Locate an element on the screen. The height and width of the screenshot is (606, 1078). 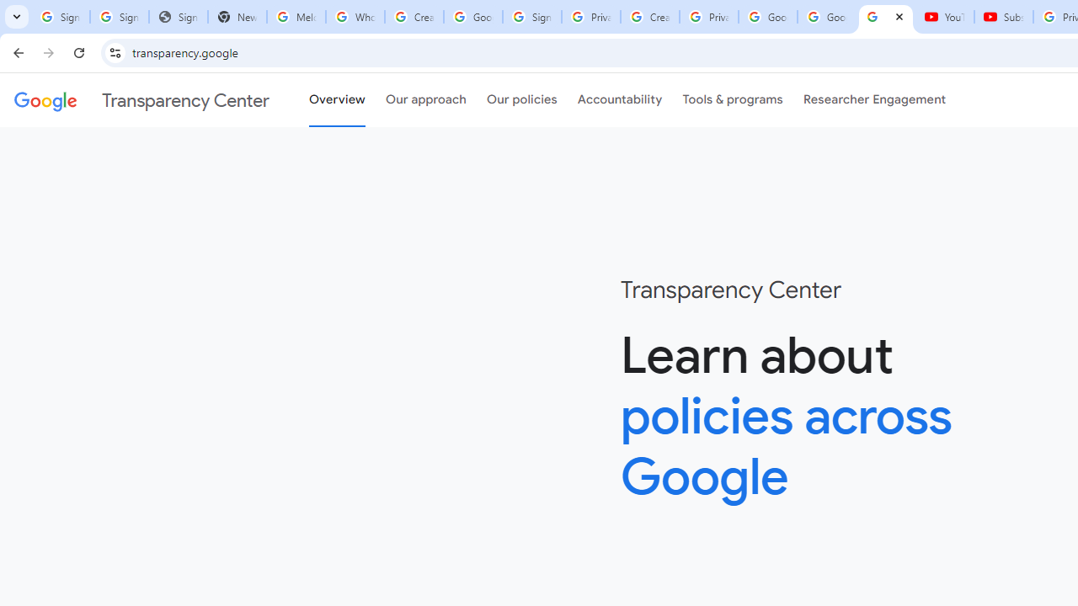
'Our policies' is located at coordinates (521, 100).